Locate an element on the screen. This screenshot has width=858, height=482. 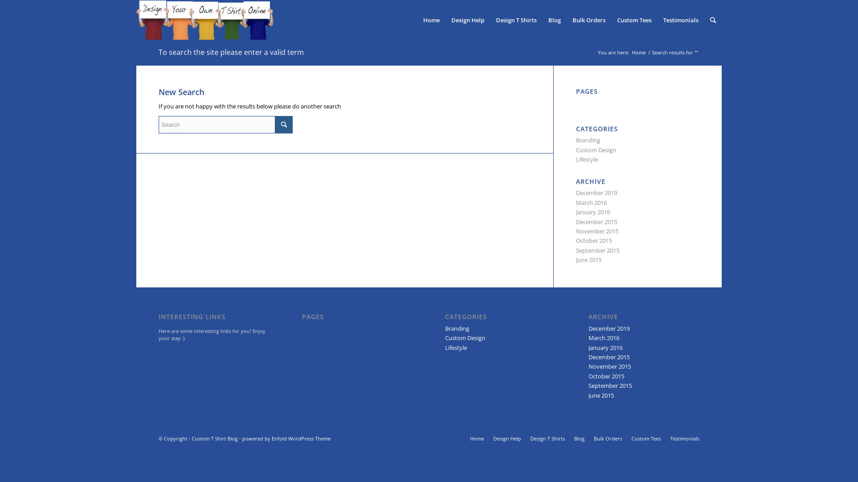
'Branding' is located at coordinates (588, 140).